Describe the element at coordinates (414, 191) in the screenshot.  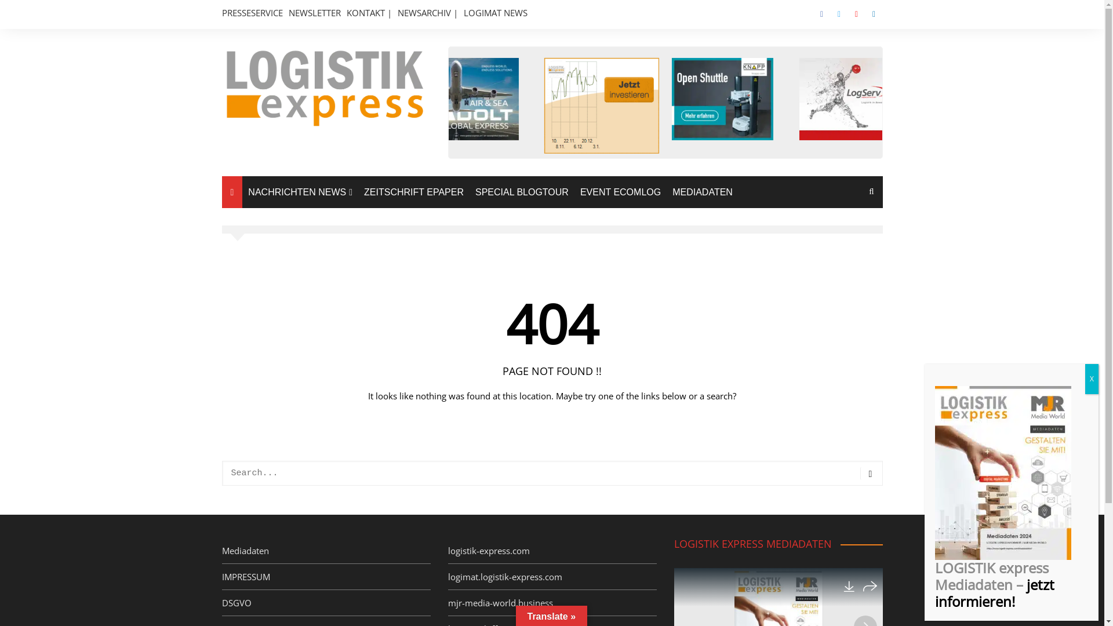
I see `'ZEITSCHRIFT EPAPER'` at that location.